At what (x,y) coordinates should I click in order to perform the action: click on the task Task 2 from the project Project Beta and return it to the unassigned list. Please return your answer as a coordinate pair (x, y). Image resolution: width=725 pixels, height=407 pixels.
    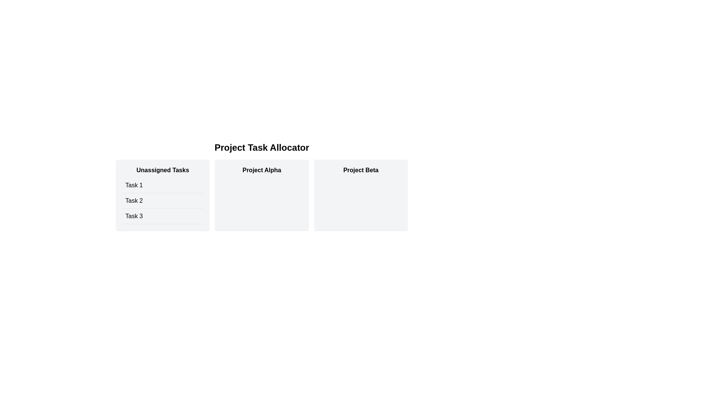
    Looking at the image, I should click on (360, 194).